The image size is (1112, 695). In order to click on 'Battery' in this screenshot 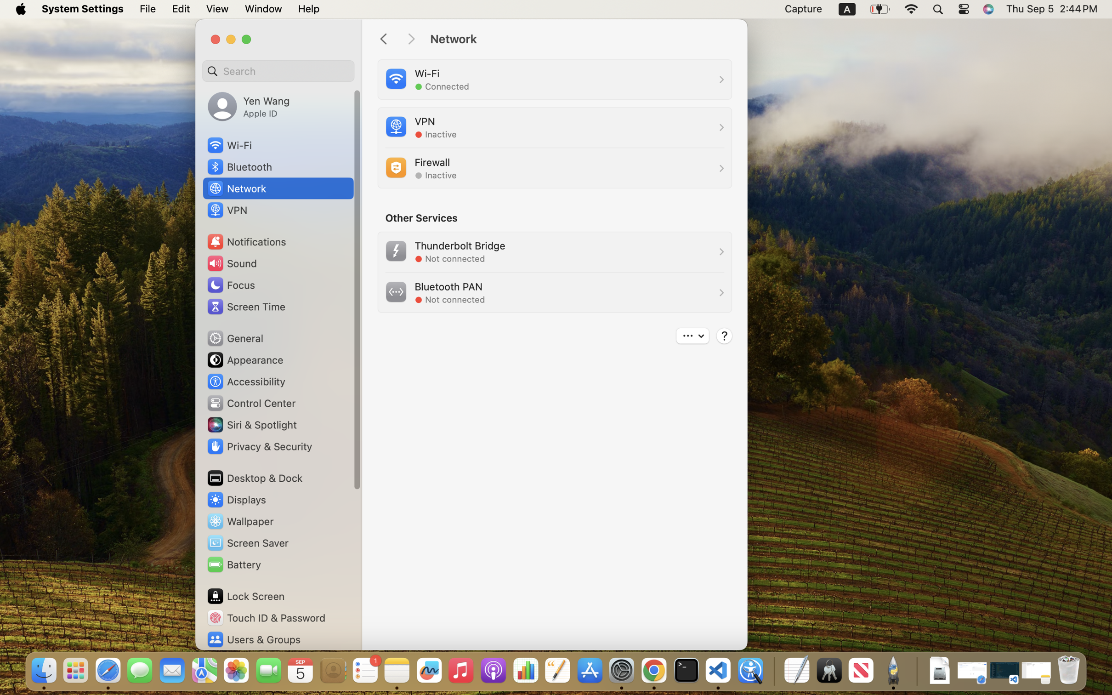, I will do `click(233, 564)`.